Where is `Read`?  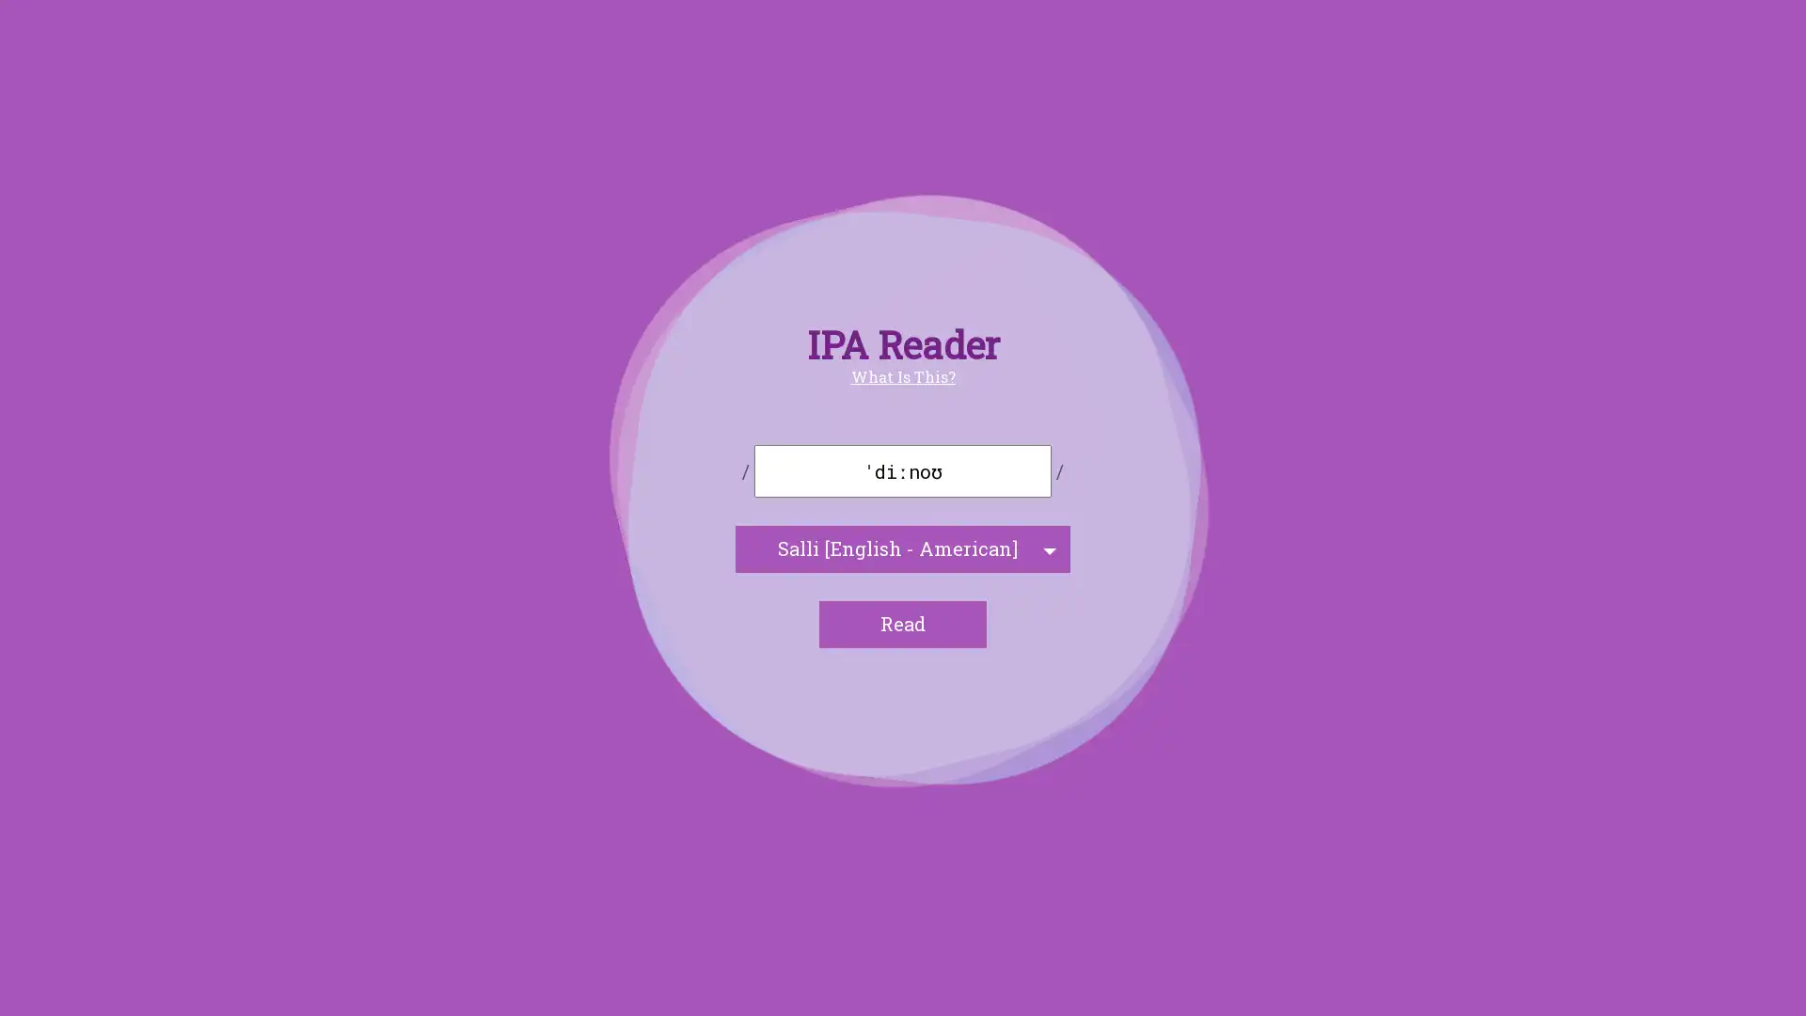
Read is located at coordinates (903, 624).